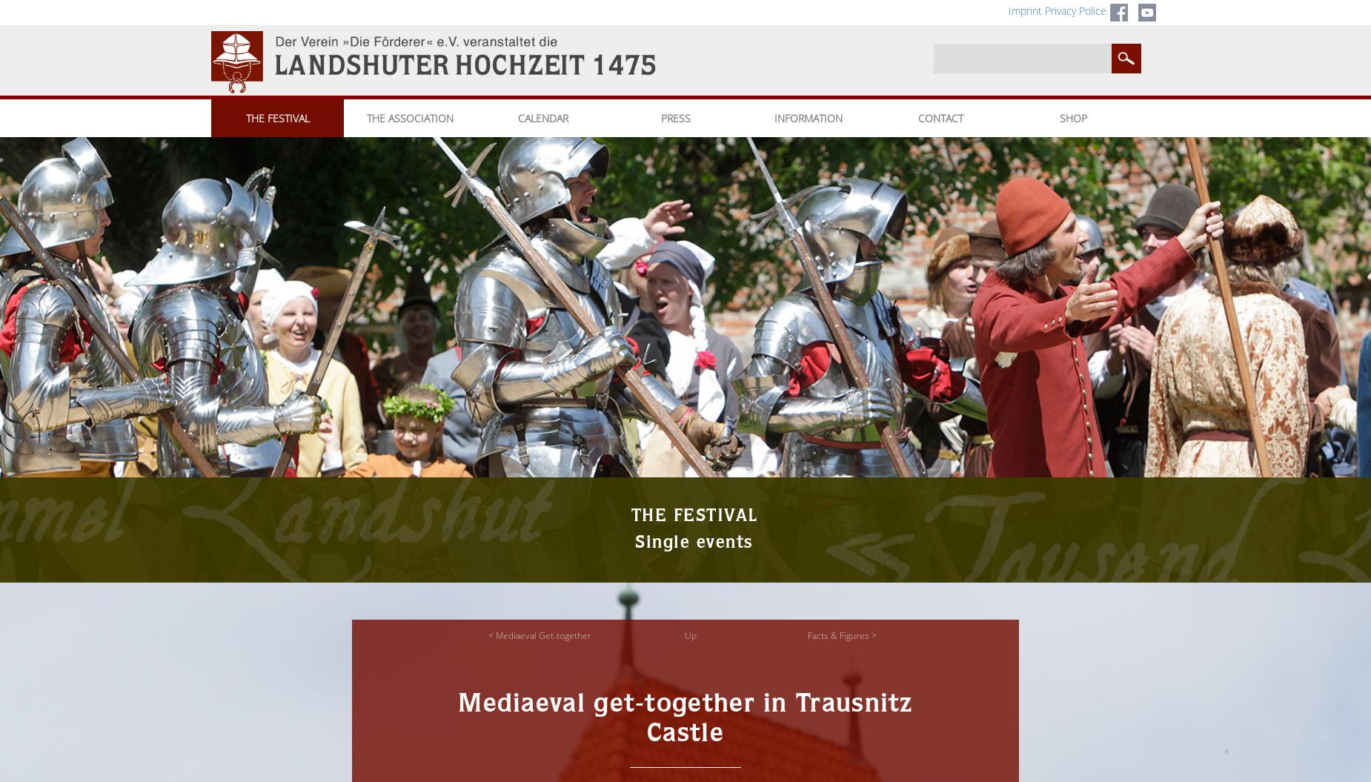 The height and width of the screenshot is (782, 1371). What do you see at coordinates (1075, 10) in the screenshot?
I see `'Privacy Police'` at bounding box center [1075, 10].